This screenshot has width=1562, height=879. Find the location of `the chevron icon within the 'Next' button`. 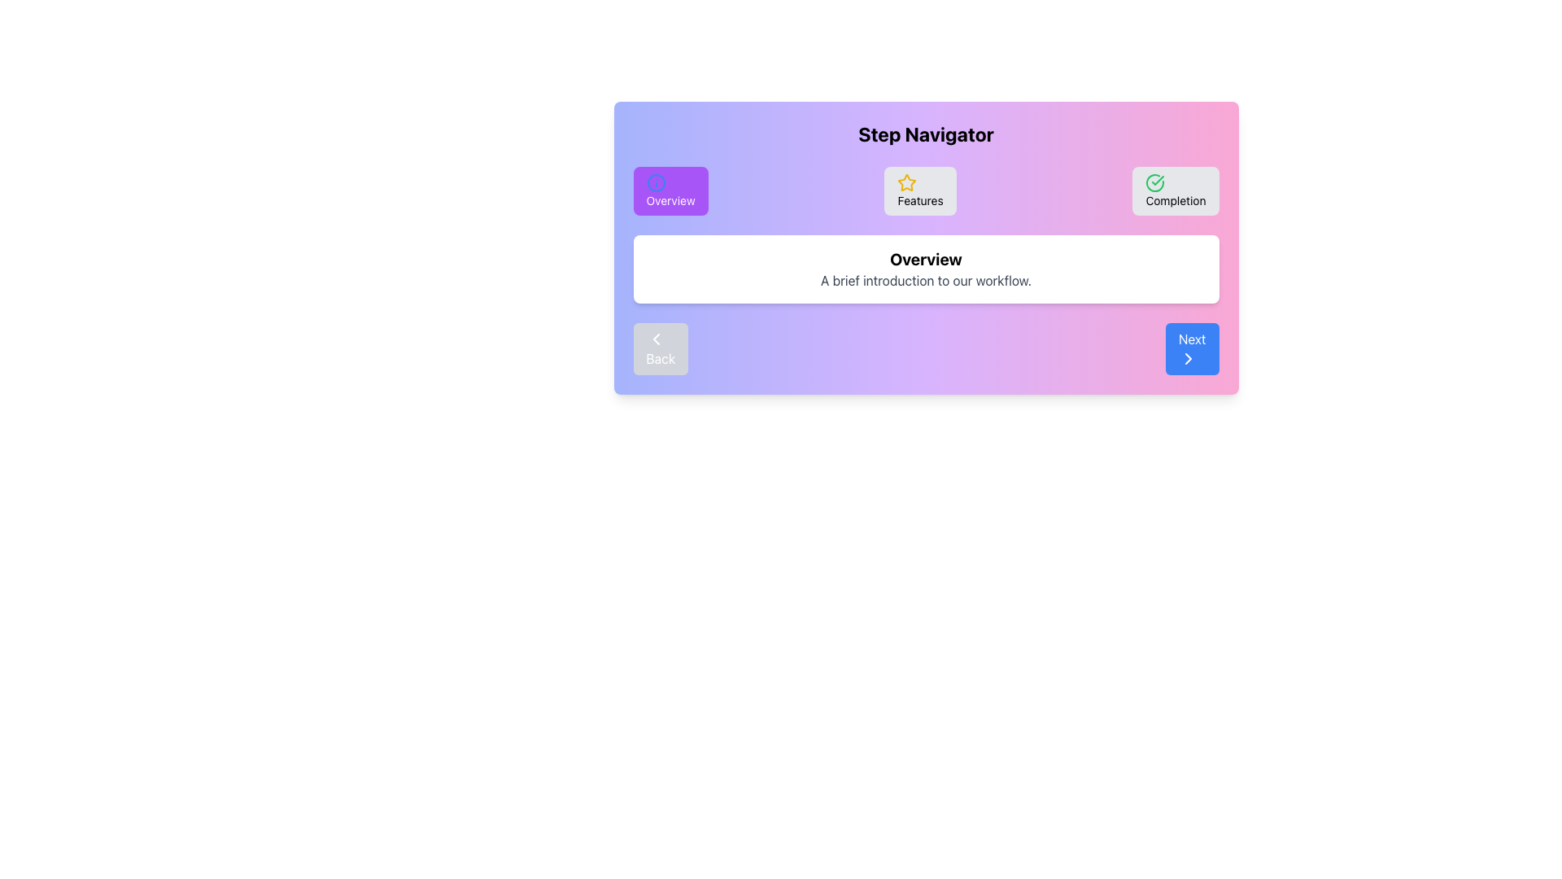

the chevron icon within the 'Next' button is located at coordinates (1188, 357).